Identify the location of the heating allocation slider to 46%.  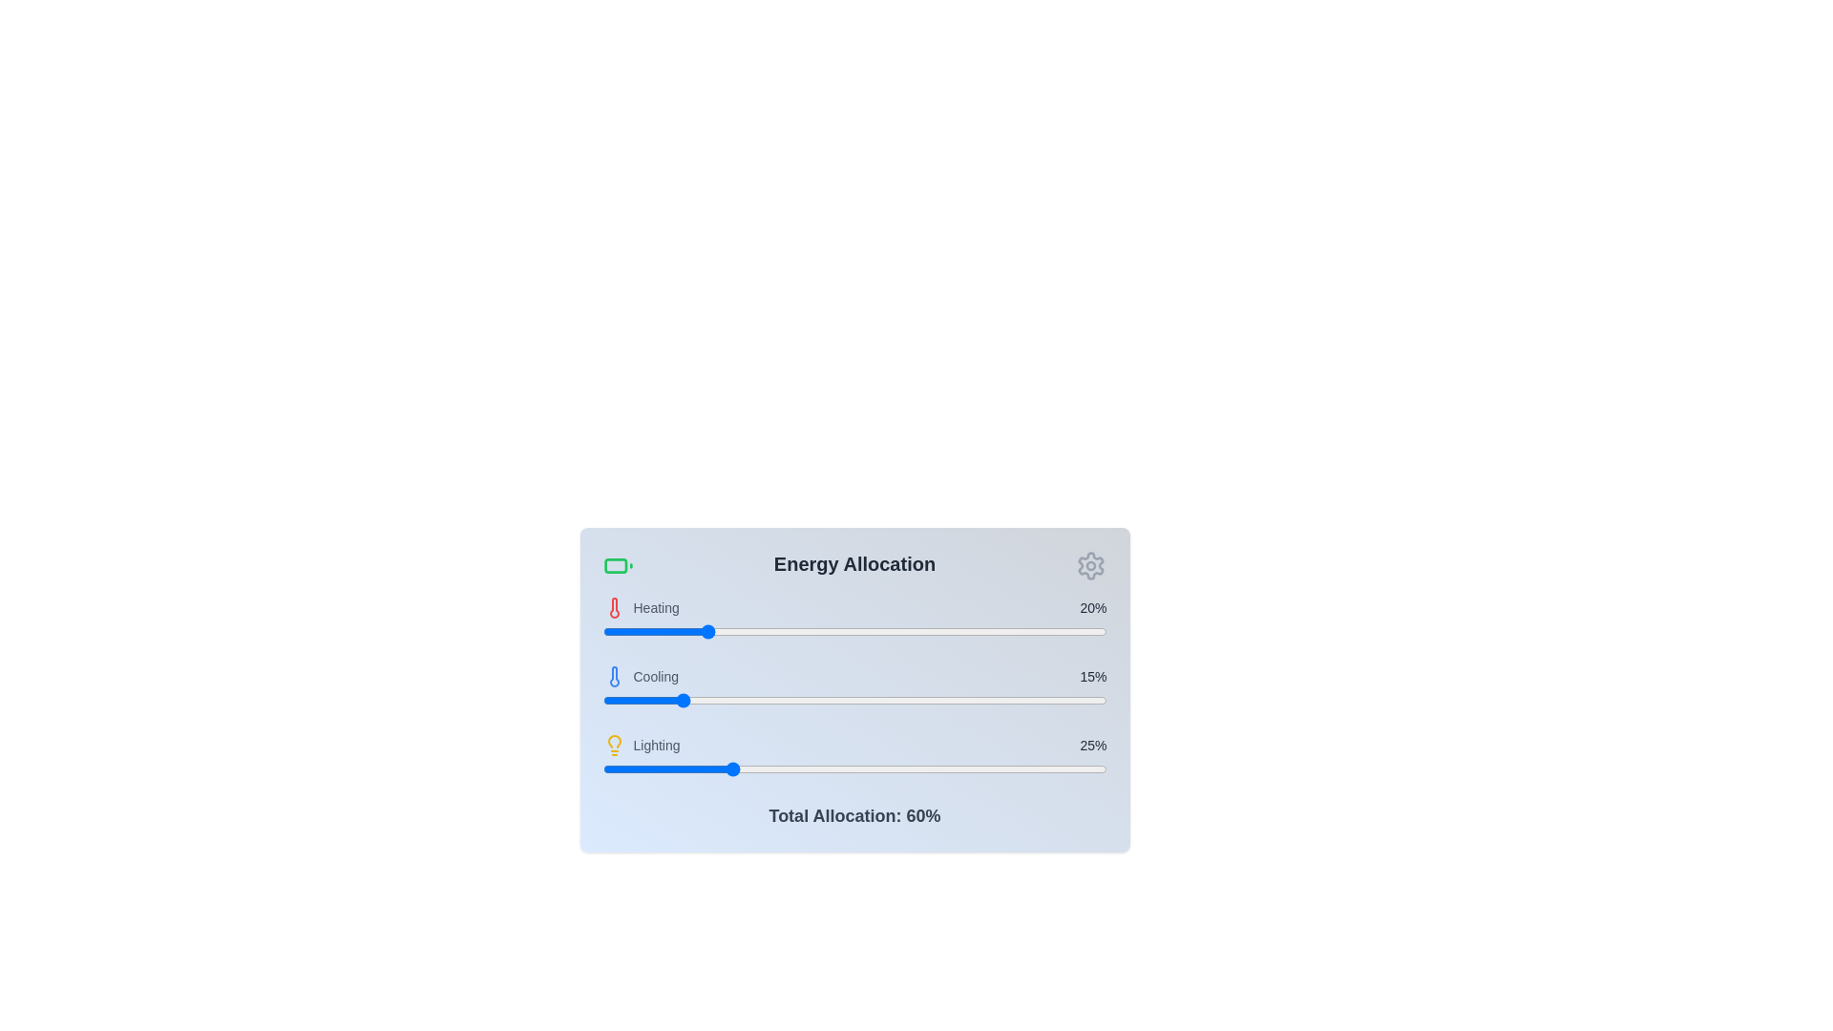
(834, 632).